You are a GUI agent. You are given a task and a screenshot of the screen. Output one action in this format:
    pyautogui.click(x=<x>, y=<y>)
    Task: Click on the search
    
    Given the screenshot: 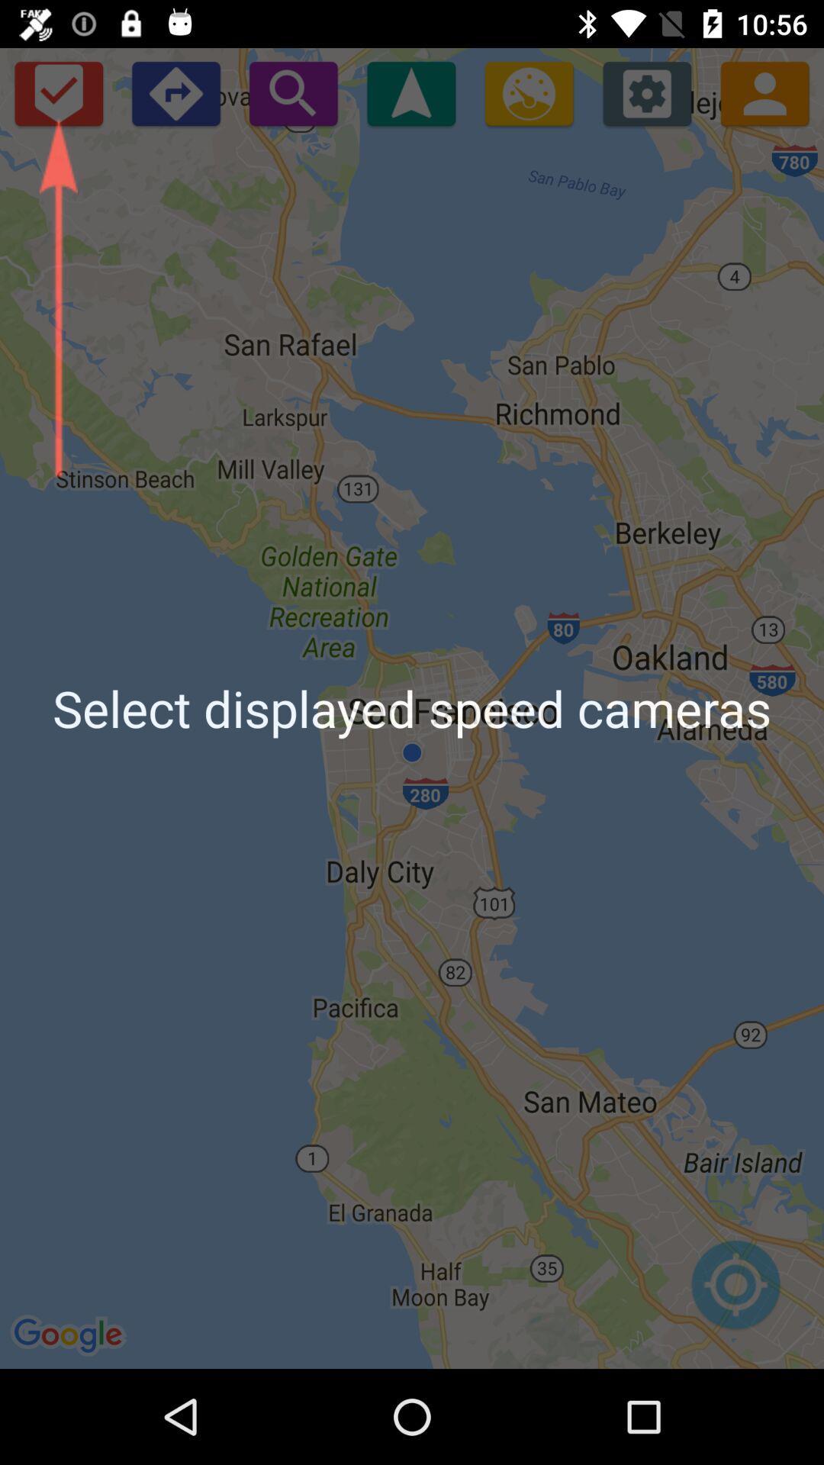 What is the action you would take?
    pyautogui.click(x=293, y=92)
    